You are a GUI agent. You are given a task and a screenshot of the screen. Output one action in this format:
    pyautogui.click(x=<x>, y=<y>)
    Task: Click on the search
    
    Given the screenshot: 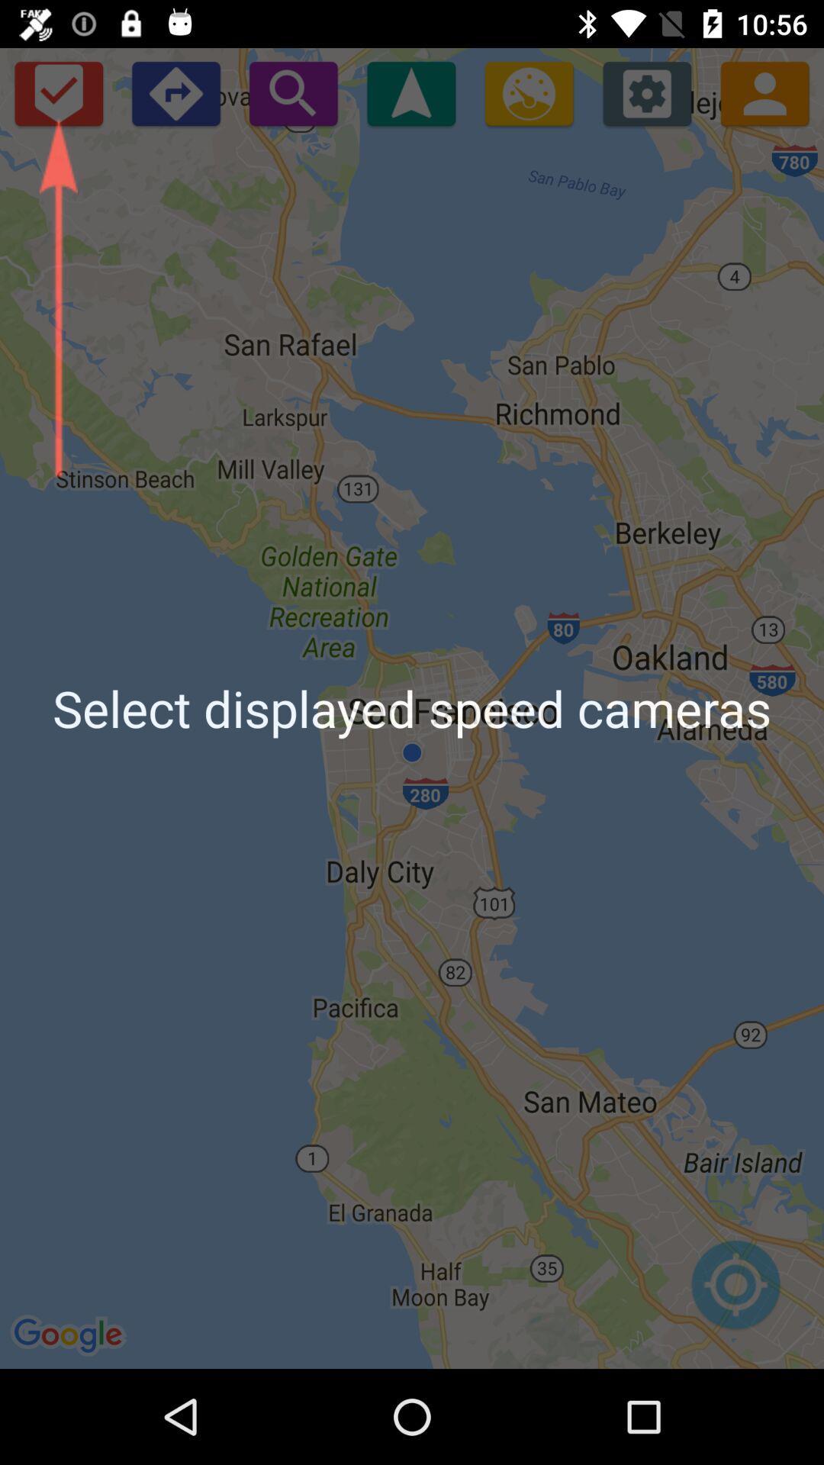 What is the action you would take?
    pyautogui.click(x=293, y=92)
    